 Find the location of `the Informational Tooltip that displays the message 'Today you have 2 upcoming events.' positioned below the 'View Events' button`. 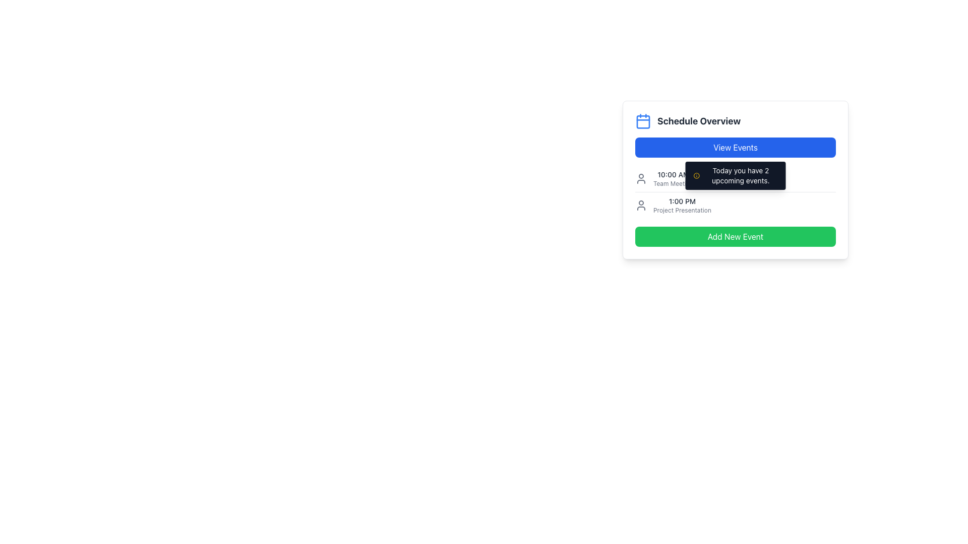

the Informational Tooltip that displays the message 'Today you have 2 upcoming events.' positioned below the 'View Events' button is located at coordinates (736, 175).